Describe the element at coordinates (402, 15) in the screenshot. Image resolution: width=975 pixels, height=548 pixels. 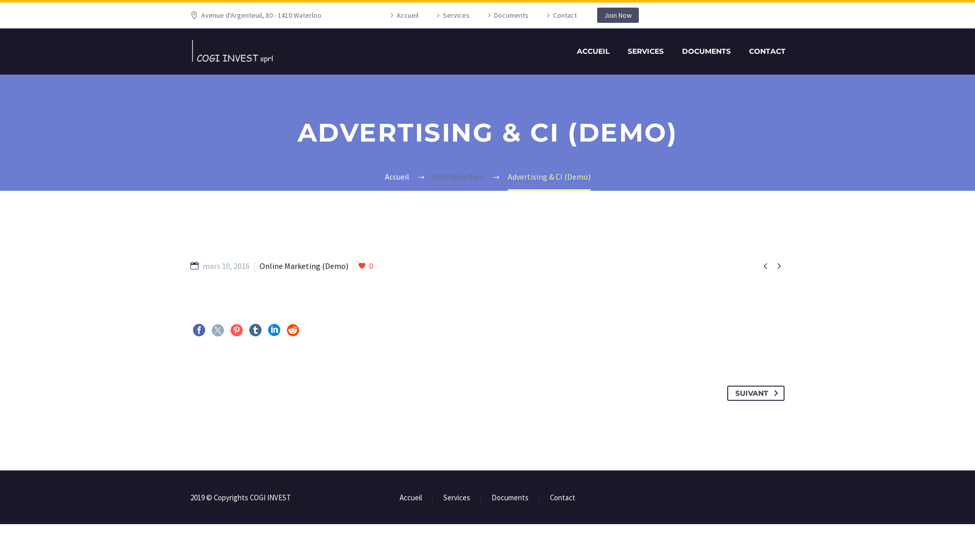
I see `'Accueil'` at that location.